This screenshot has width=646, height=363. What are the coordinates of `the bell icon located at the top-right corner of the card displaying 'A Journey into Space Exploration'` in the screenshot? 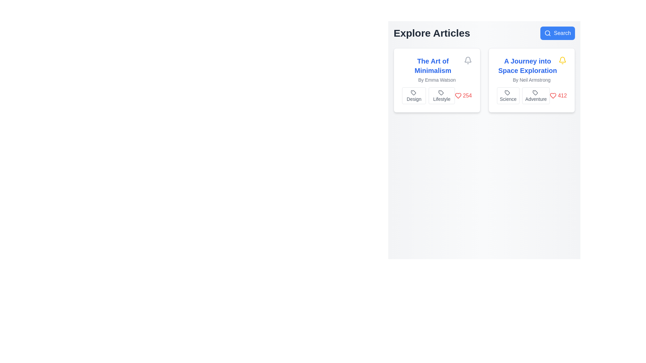 It's located at (562, 61).